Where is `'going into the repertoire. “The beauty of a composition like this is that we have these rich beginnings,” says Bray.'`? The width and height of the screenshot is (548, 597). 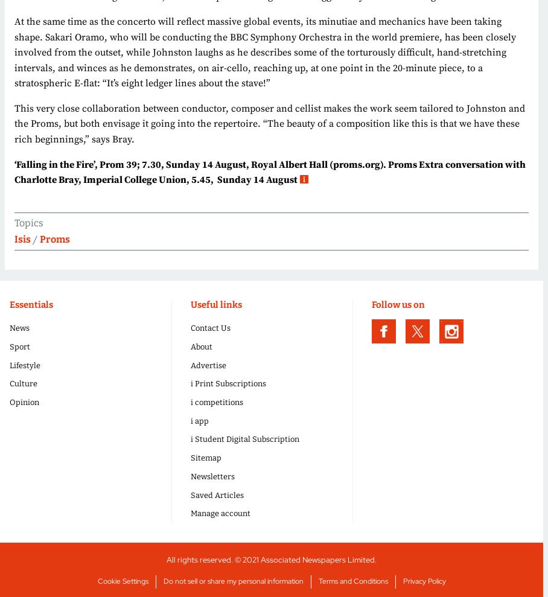
'going into the repertoire. “The beauty of a composition like this is that we have these rich beginnings,” says Bray.' is located at coordinates (13, 131).